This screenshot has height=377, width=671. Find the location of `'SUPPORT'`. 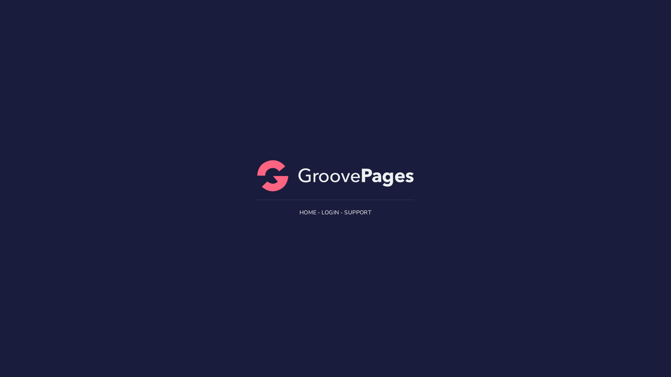

'SUPPORT' is located at coordinates (344, 212).